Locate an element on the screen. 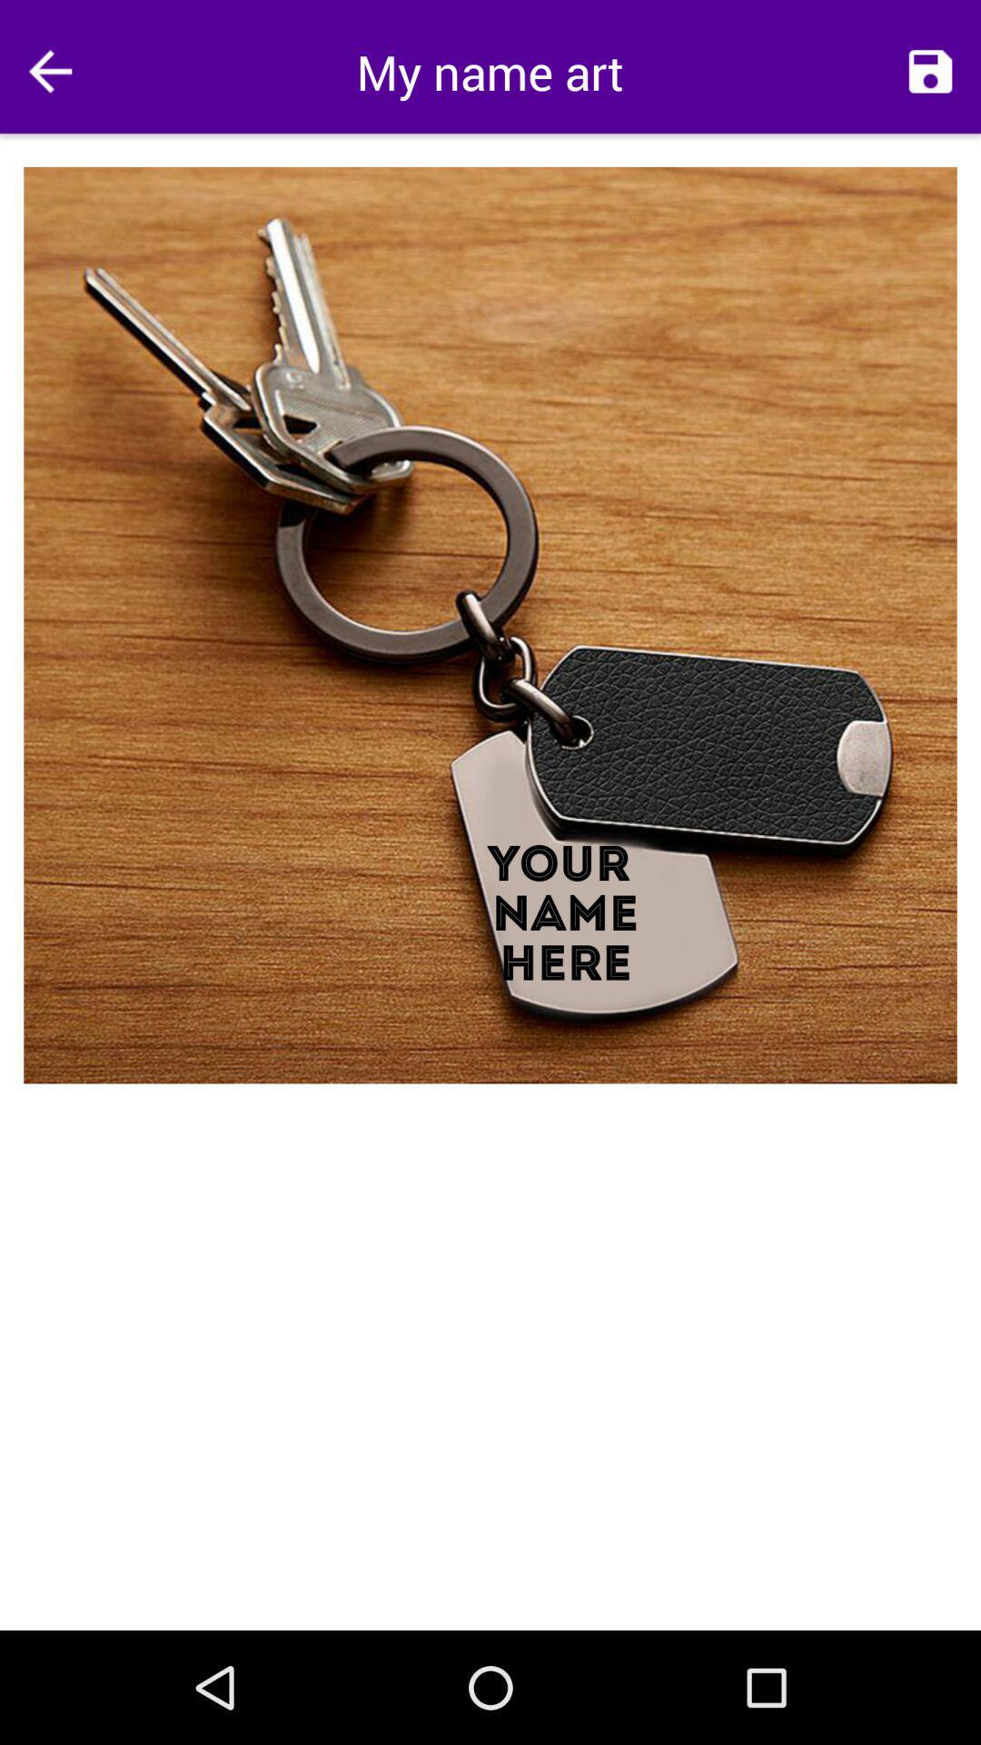 The width and height of the screenshot is (981, 1745). go back is located at coordinates (49, 71).